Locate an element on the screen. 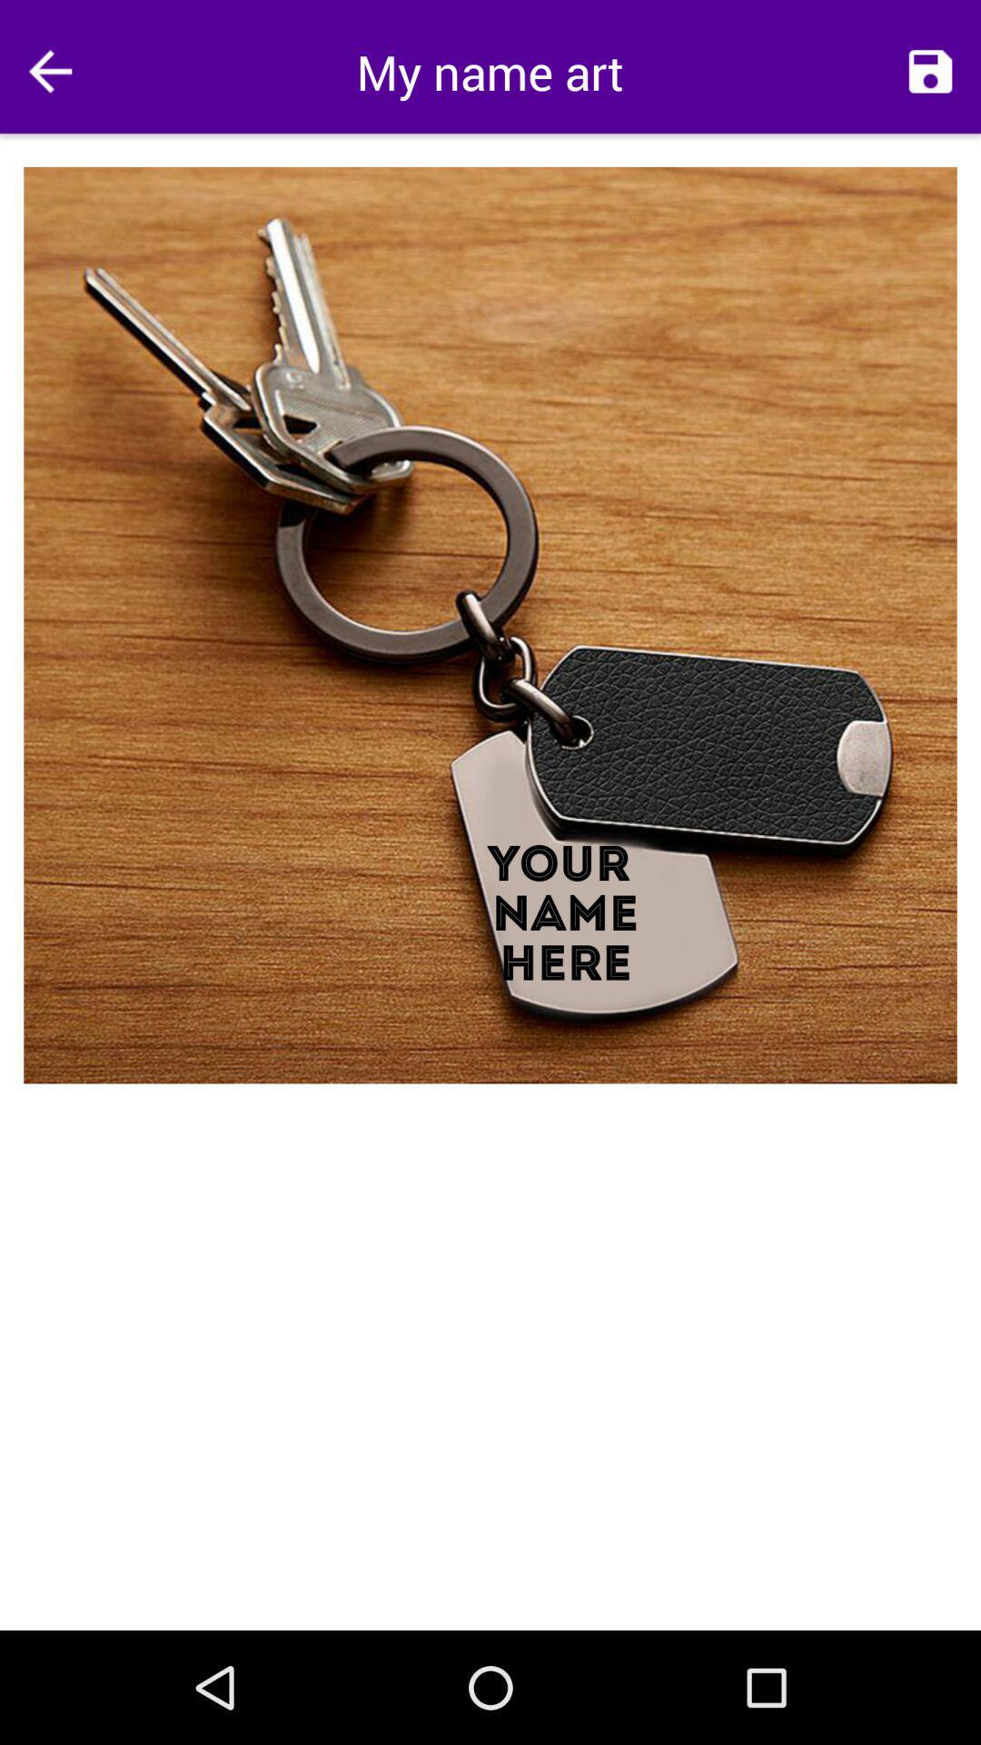 The width and height of the screenshot is (981, 1745). go back is located at coordinates (49, 71).